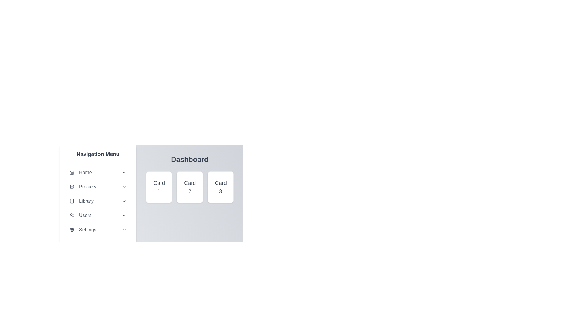 The height and width of the screenshot is (322, 573). What do you see at coordinates (98, 154) in the screenshot?
I see `heading text label located at the top of the left-aligned sidebar, which describes the section of the interface containing navigation options` at bounding box center [98, 154].